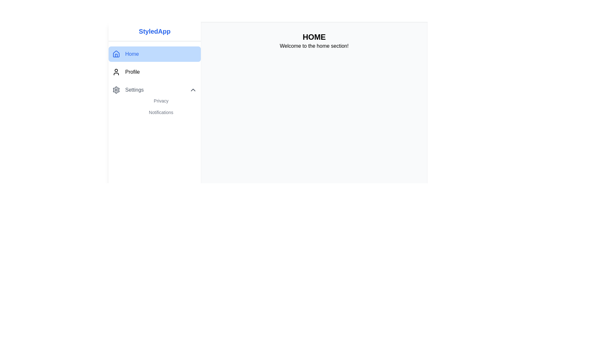 Image resolution: width=615 pixels, height=346 pixels. What do you see at coordinates (116, 55) in the screenshot?
I see `the House-shaped icon in the sidebar menu that indicates the 'Home' section of the application` at bounding box center [116, 55].